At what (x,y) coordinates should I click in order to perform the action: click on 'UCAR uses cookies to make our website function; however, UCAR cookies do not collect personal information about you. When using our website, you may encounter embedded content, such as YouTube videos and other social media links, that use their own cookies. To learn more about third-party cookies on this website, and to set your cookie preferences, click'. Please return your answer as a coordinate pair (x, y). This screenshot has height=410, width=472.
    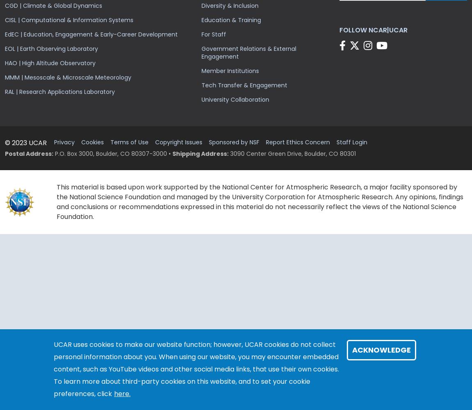
    Looking at the image, I should click on (196, 369).